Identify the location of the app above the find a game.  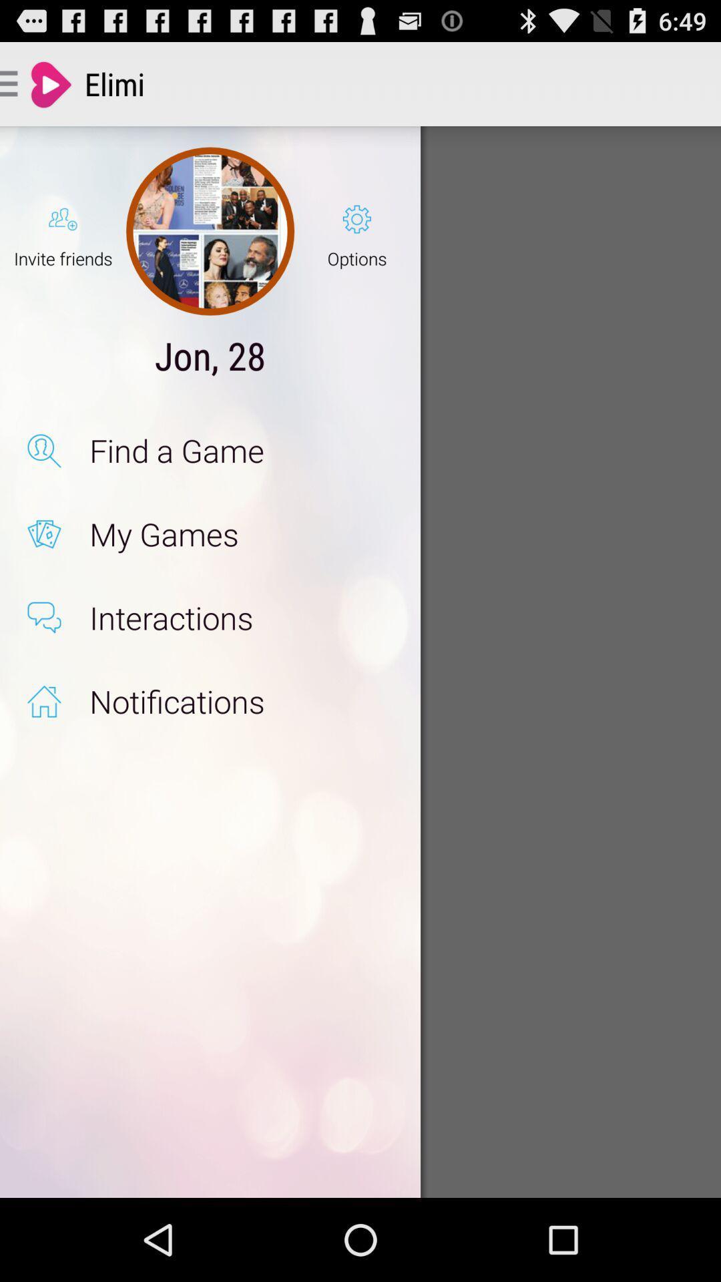
(356, 231).